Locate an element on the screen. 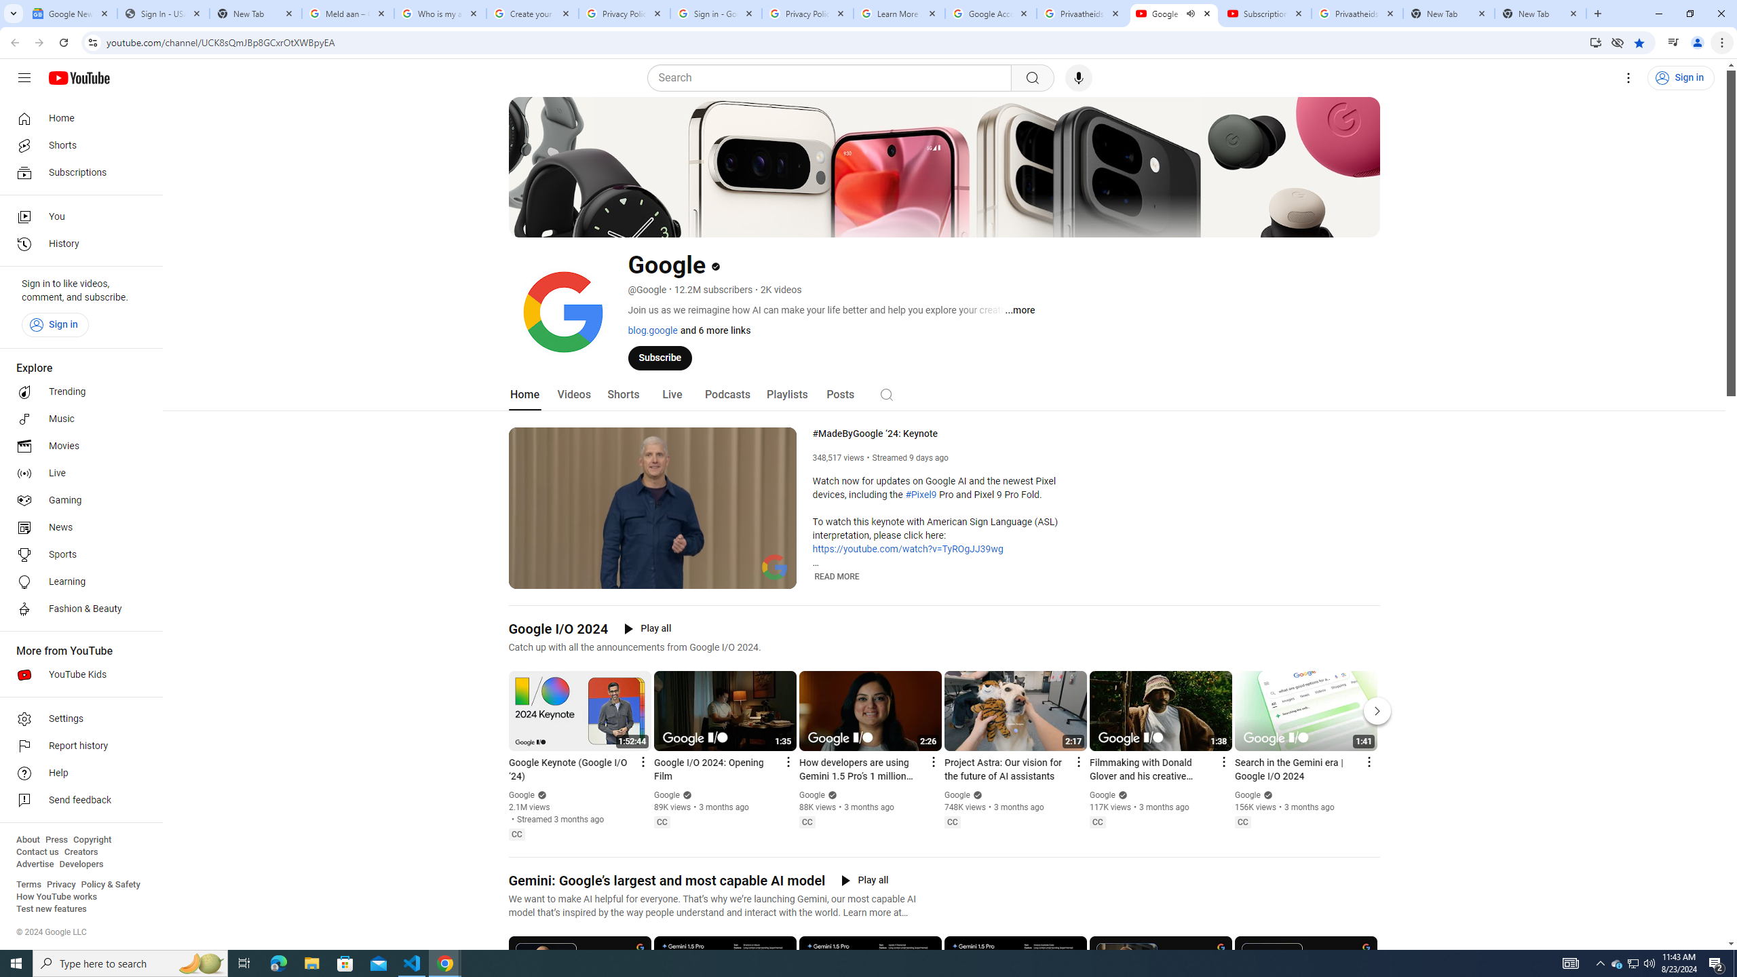 The height and width of the screenshot is (977, 1737). 'Contact us' is located at coordinates (37, 851).